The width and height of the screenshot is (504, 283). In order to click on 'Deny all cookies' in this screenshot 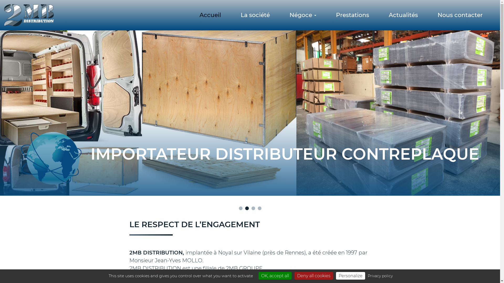, I will do `click(314, 275)`.